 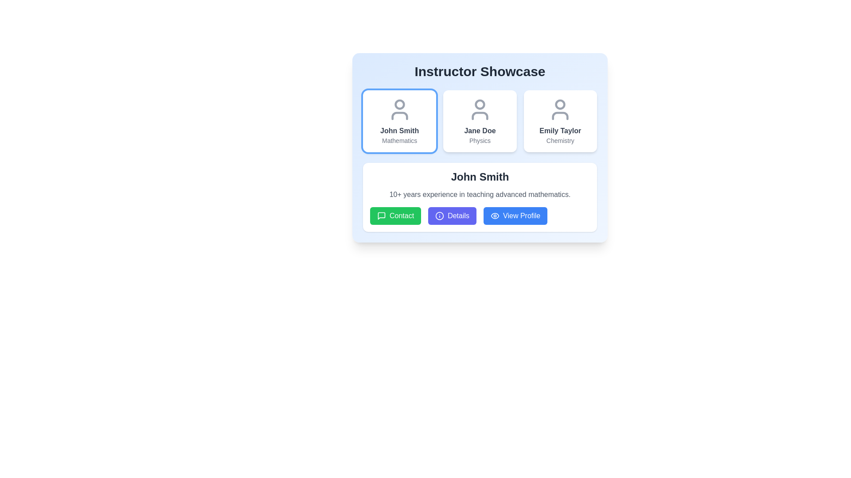 What do you see at coordinates (480, 131) in the screenshot?
I see `the 'Jane Doe' text label, which is styled in bold gray font and is located in the second instructor profile card, positioned above the 'Physics' subtitle and below the avatar icon` at bounding box center [480, 131].